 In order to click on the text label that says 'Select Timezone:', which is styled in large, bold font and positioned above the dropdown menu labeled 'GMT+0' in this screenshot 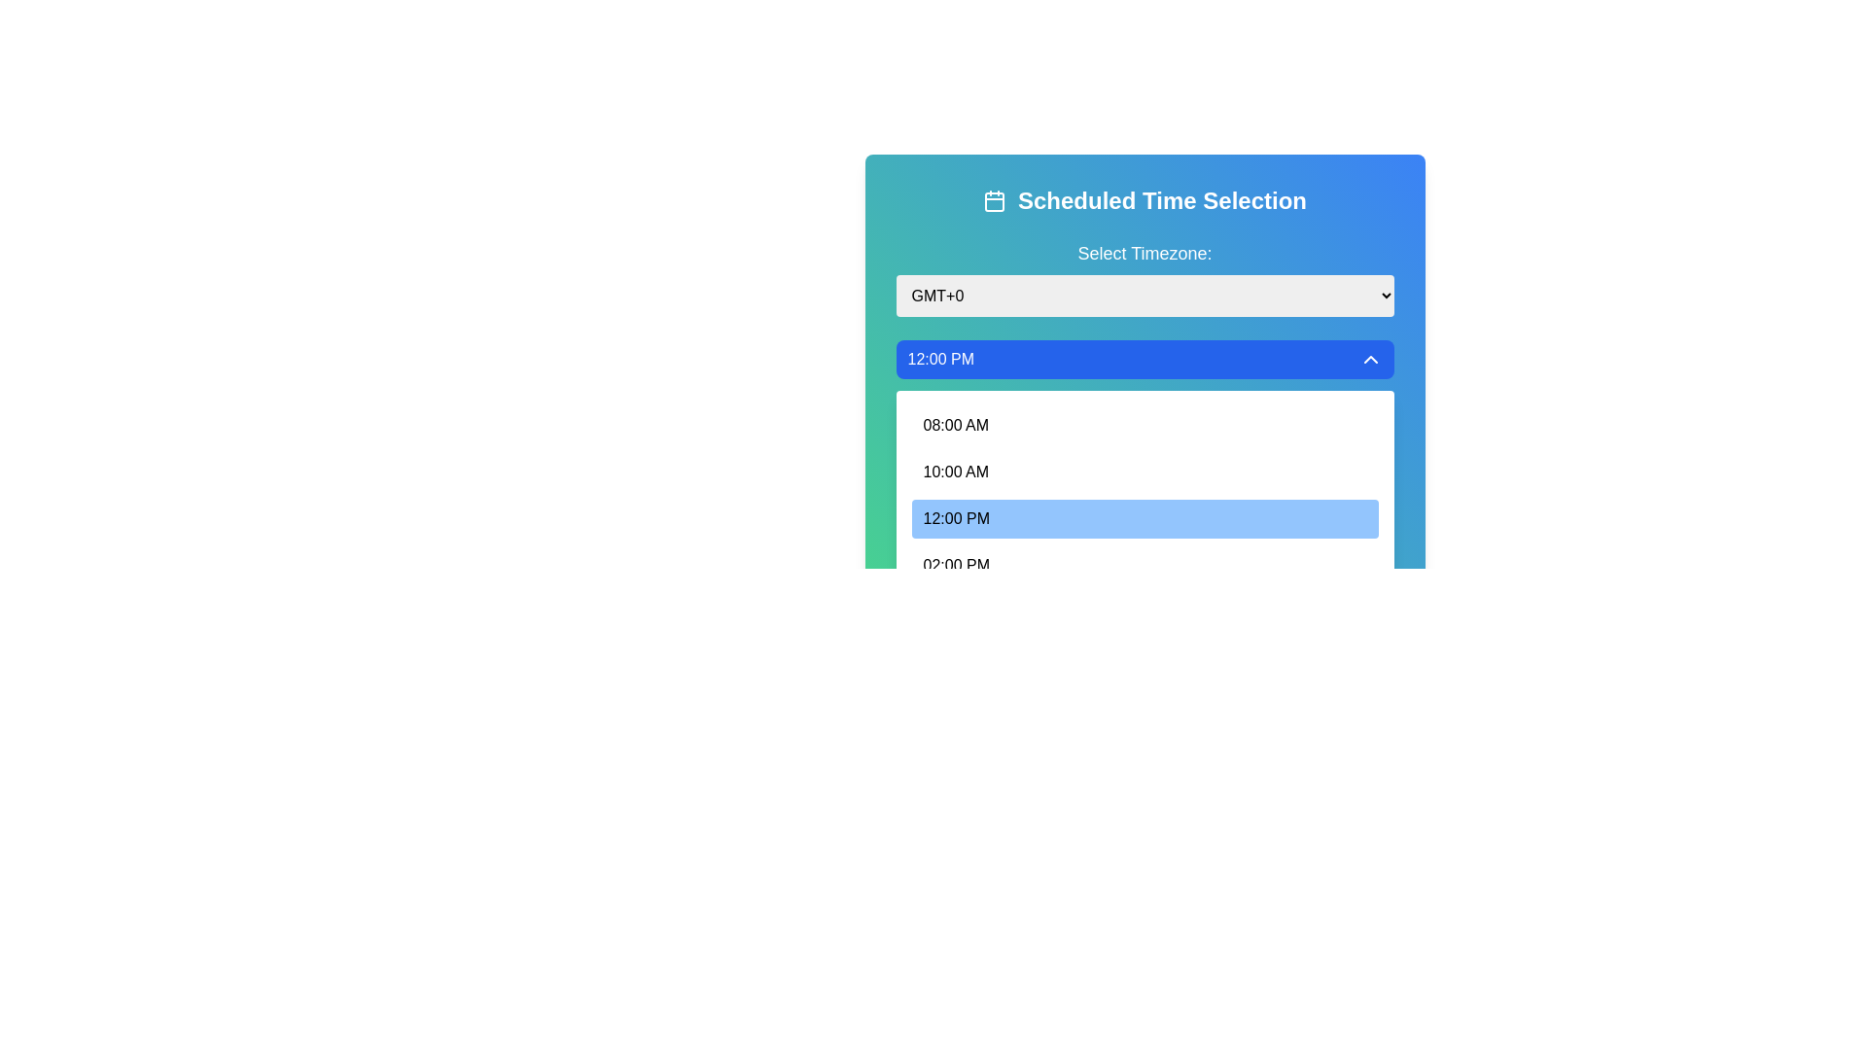, I will do `click(1145, 253)`.